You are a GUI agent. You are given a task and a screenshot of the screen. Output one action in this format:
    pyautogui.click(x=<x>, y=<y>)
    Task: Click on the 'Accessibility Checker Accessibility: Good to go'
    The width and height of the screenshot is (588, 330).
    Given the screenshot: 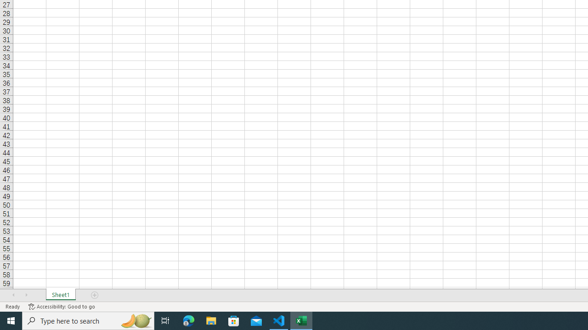 What is the action you would take?
    pyautogui.click(x=61, y=307)
    